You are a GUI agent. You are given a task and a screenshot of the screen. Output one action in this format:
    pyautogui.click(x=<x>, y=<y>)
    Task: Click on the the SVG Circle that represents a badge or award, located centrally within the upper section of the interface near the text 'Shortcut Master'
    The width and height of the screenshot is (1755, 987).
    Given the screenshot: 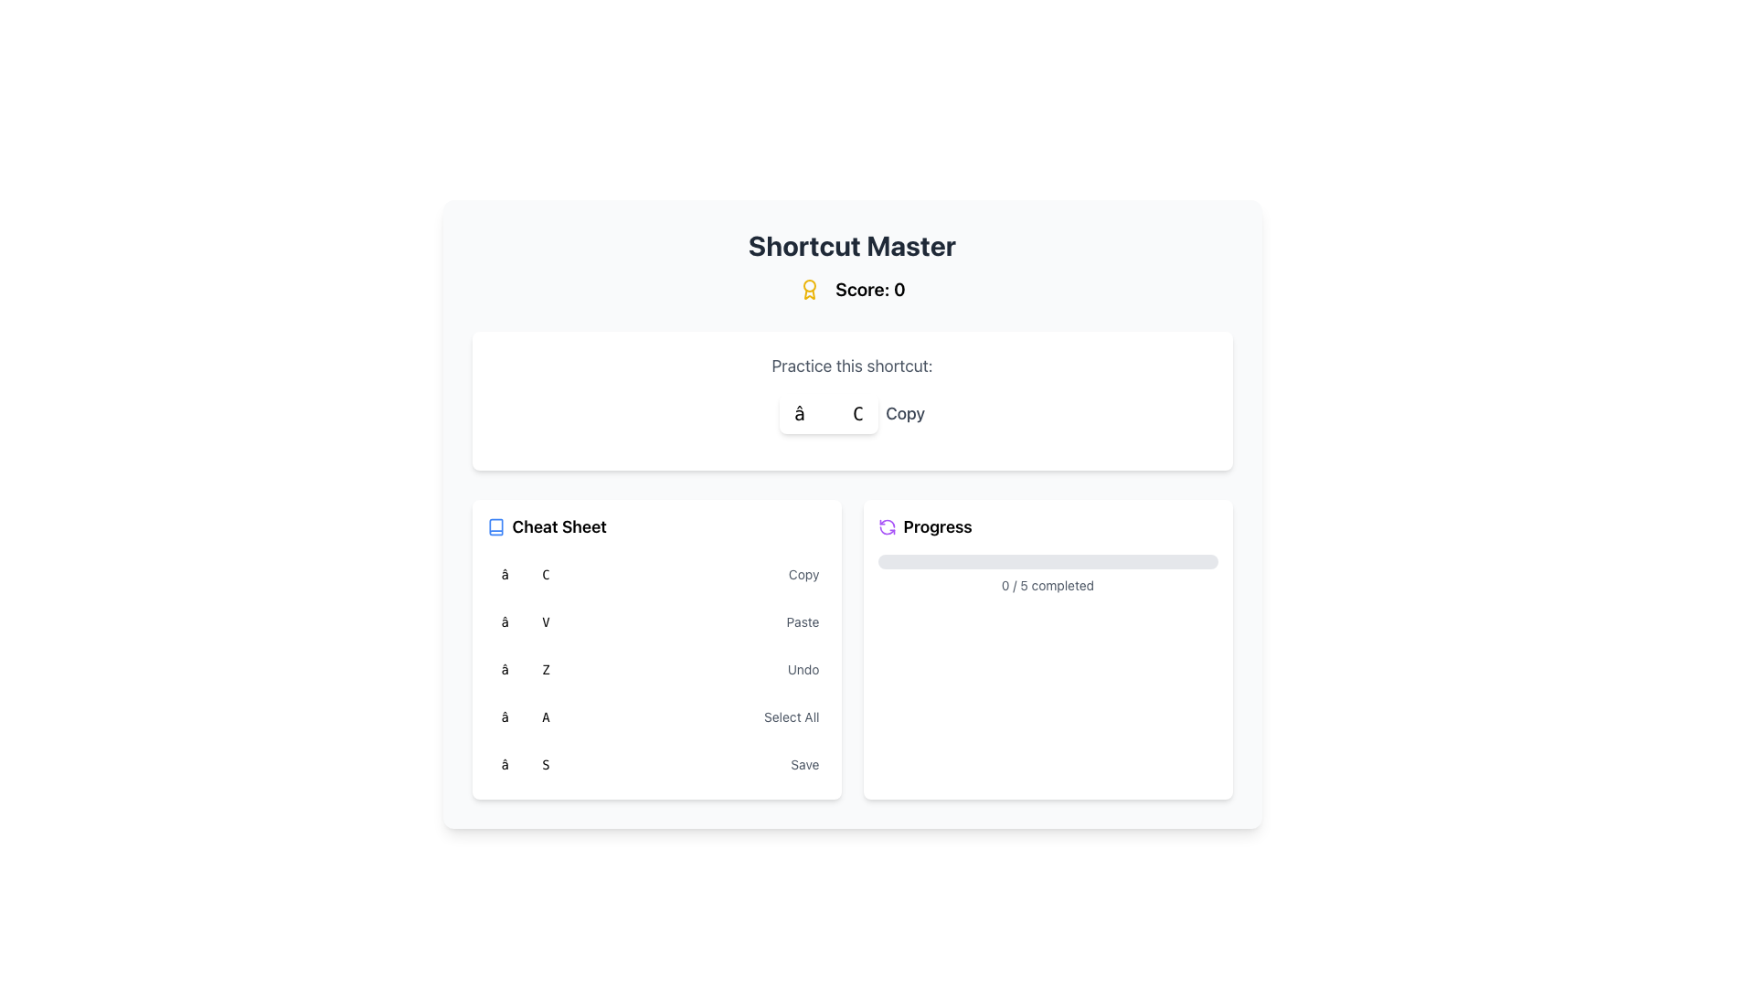 What is the action you would take?
    pyautogui.click(x=809, y=285)
    